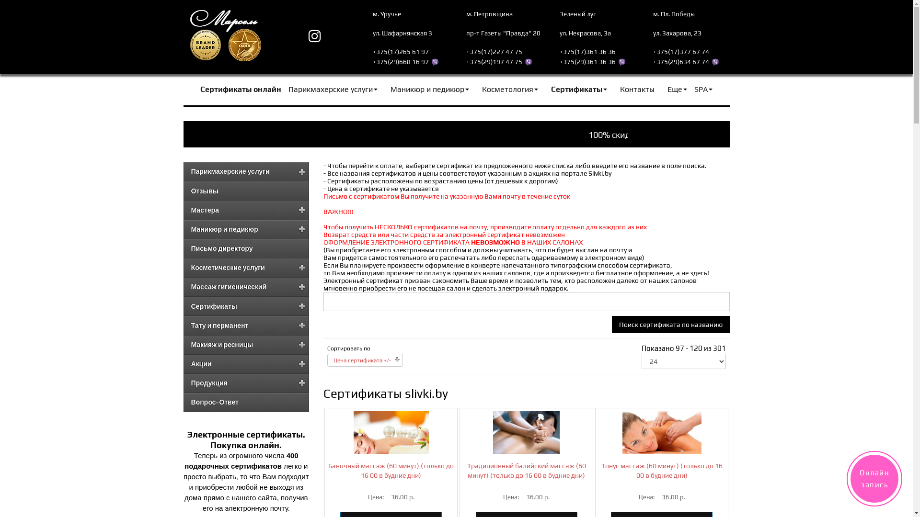 The width and height of the screenshot is (920, 517). Describe the element at coordinates (703, 90) in the screenshot. I see `'SPA'` at that location.